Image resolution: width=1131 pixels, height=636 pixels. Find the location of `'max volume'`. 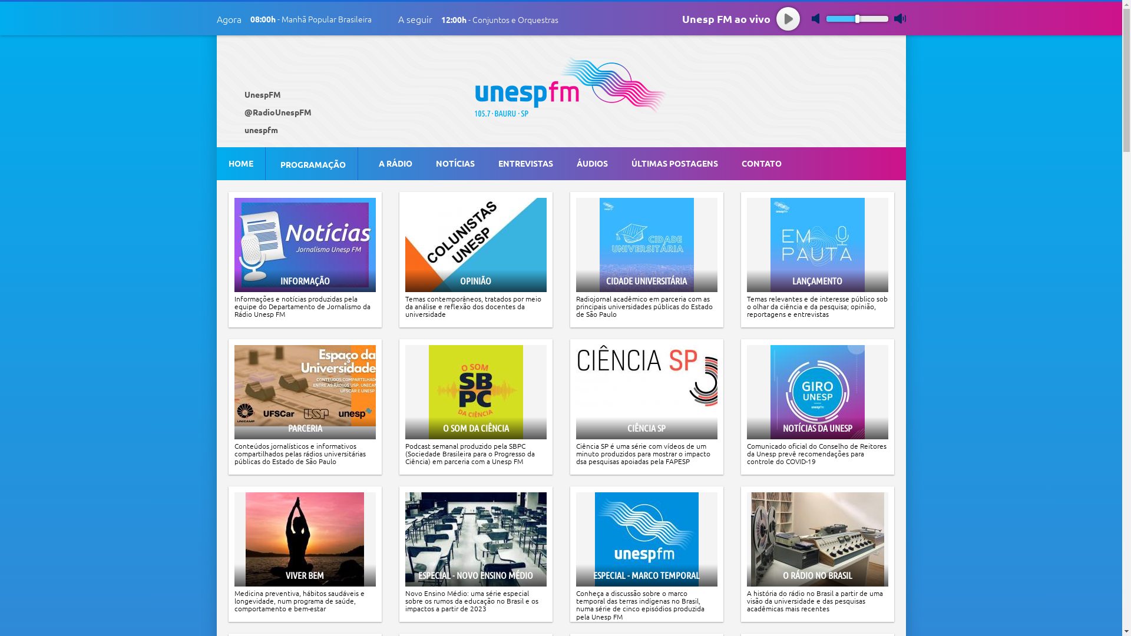

'max volume' is located at coordinates (899, 18).